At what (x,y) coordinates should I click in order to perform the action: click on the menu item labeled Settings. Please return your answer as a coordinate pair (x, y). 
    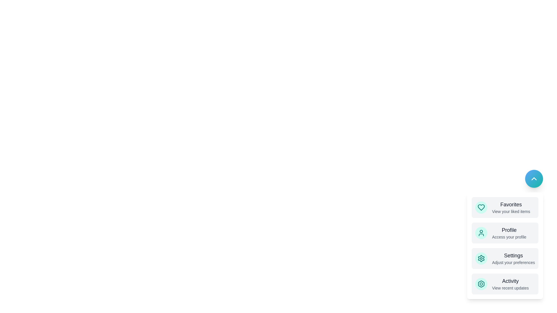
    Looking at the image, I should click on (505, 258).